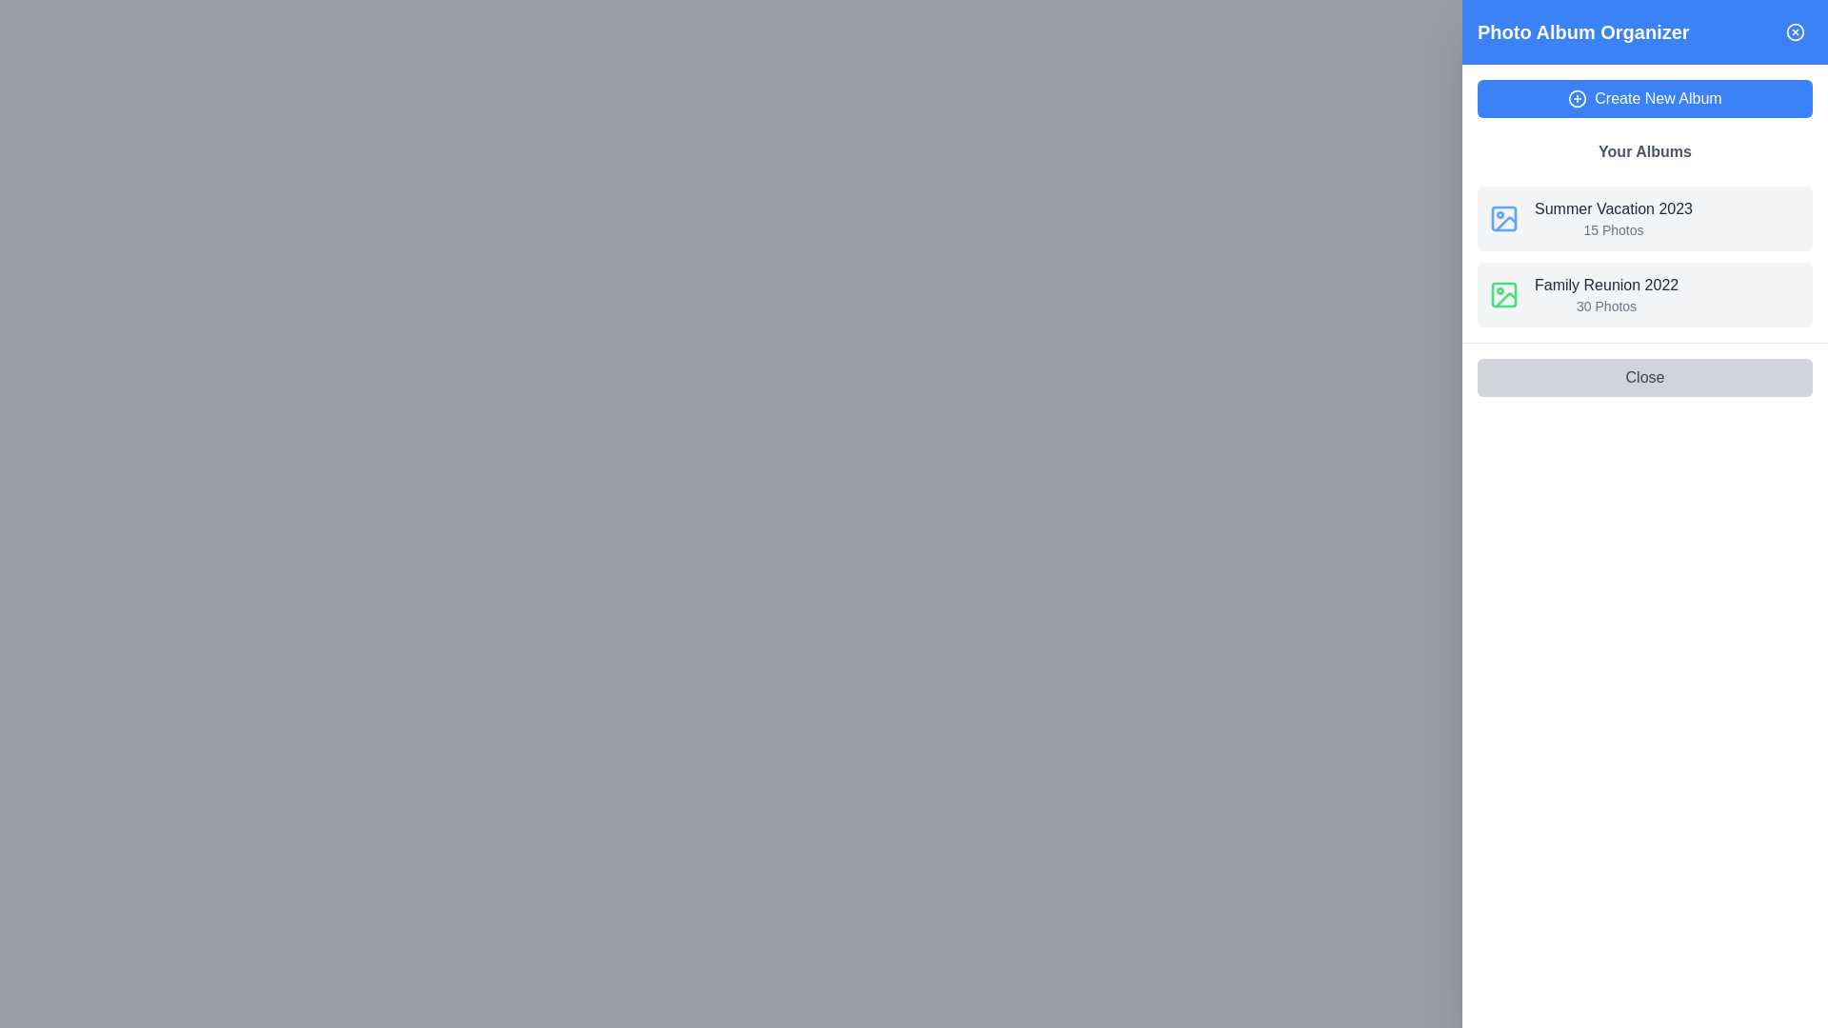 This screenshot has height=1028, width=1828. Describe the element at coordinates (1644, 378) in the screenshot. I see `the 'Close' button located towards the bottom of the right panel` at that location.